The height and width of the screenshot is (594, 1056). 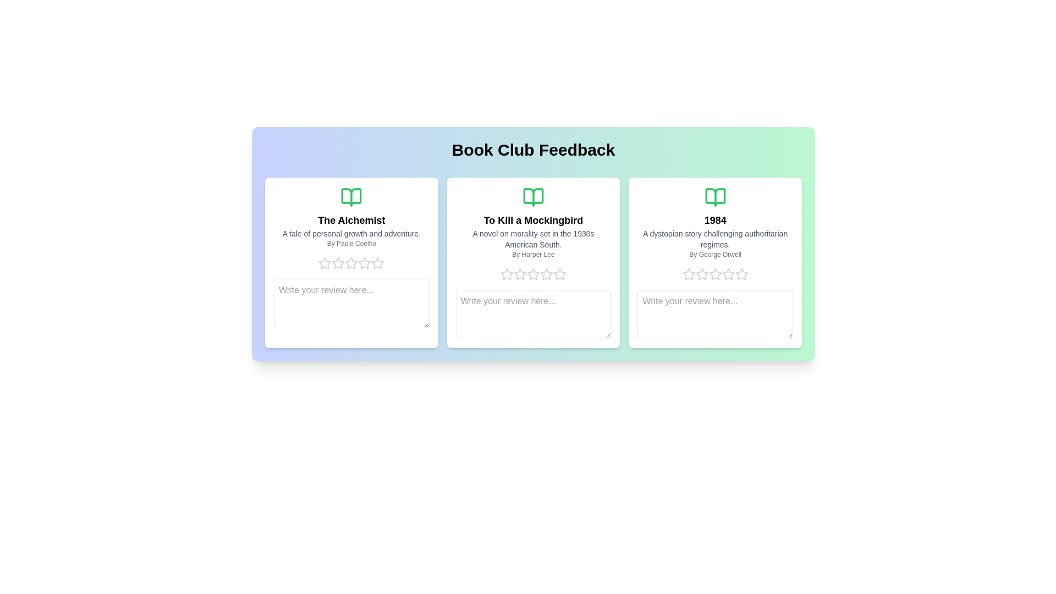 I want to click on the second rating star icon for the book 'To Kill a Mockingbird', so click(x=506, y=273).